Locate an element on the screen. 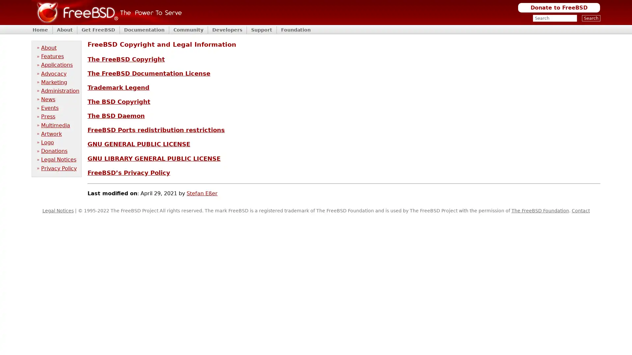 This screenshot has width=632, height=355. Search is located at coordinates (591, 18).